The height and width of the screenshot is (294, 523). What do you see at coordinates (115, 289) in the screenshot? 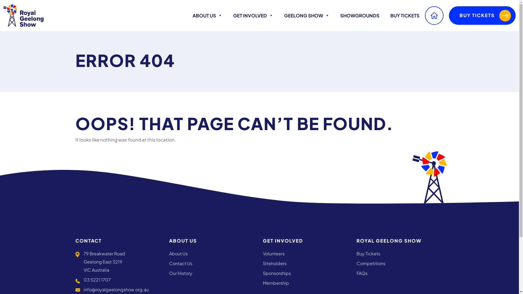
I see `'info@royalgeelongshow.org.au'` at bounding box center [115, 289].